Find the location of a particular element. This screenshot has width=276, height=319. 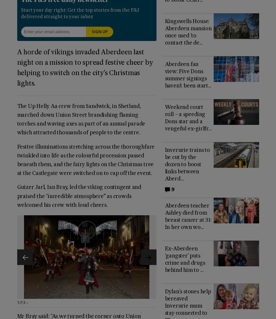

'Ex-Aberdeen 'gangster' puts crime and drugs behind him to …' is located at coordinates (184, 259).